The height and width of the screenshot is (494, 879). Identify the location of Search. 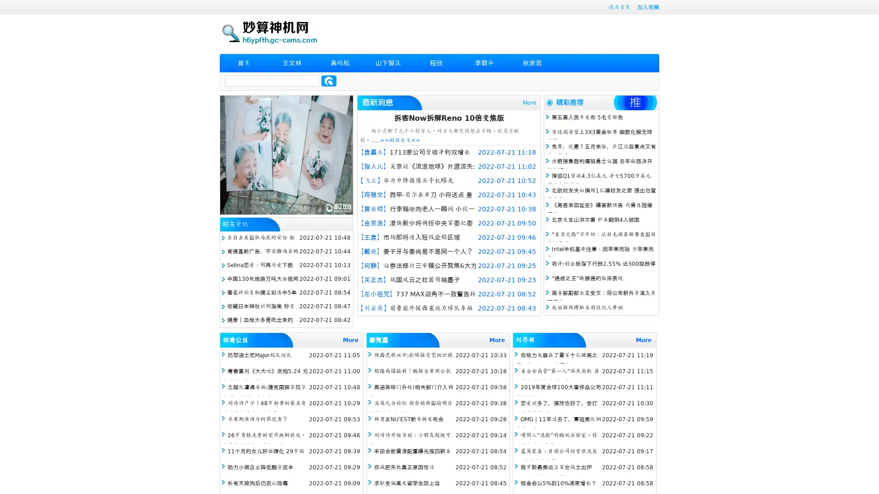
(329, 81).